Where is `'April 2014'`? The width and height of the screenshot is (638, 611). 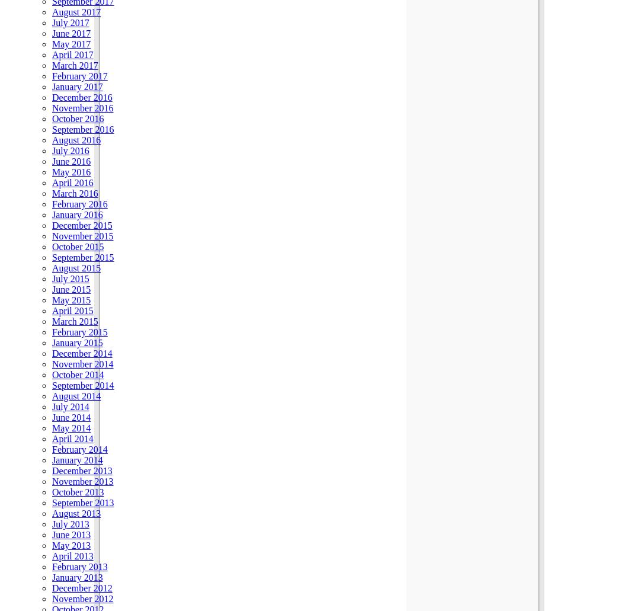 'April 2014' is located at coordinates (72, 437).